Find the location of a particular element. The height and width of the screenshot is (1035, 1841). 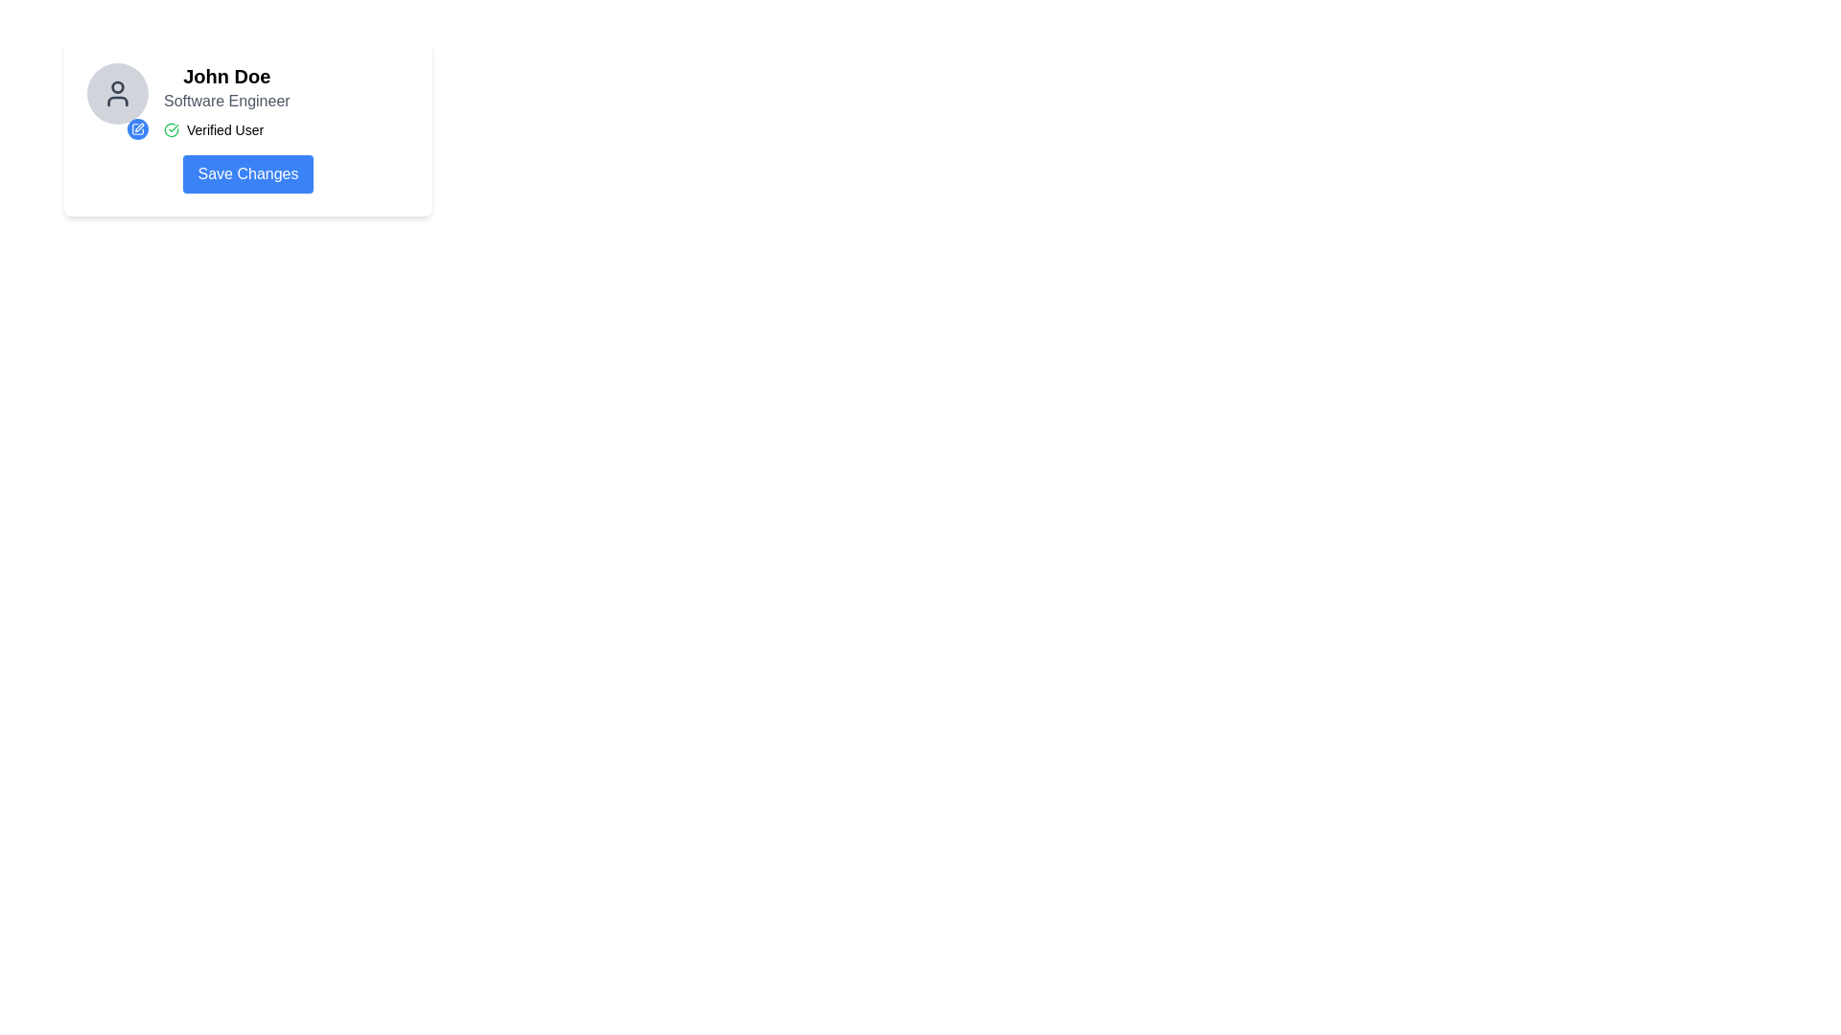

the circular graphic representing the head of the user in the gray-colored user outline SVG icon, located at the top of the user profile icon is located at coordinates (117, 87).